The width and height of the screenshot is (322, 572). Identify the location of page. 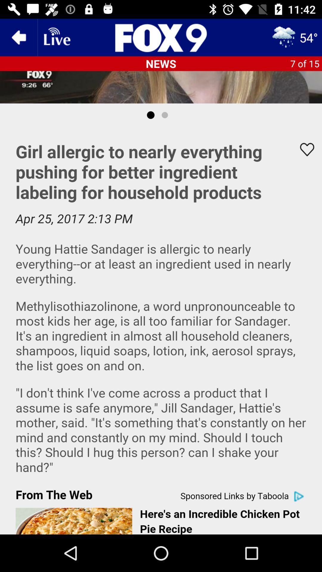
(303, 150).